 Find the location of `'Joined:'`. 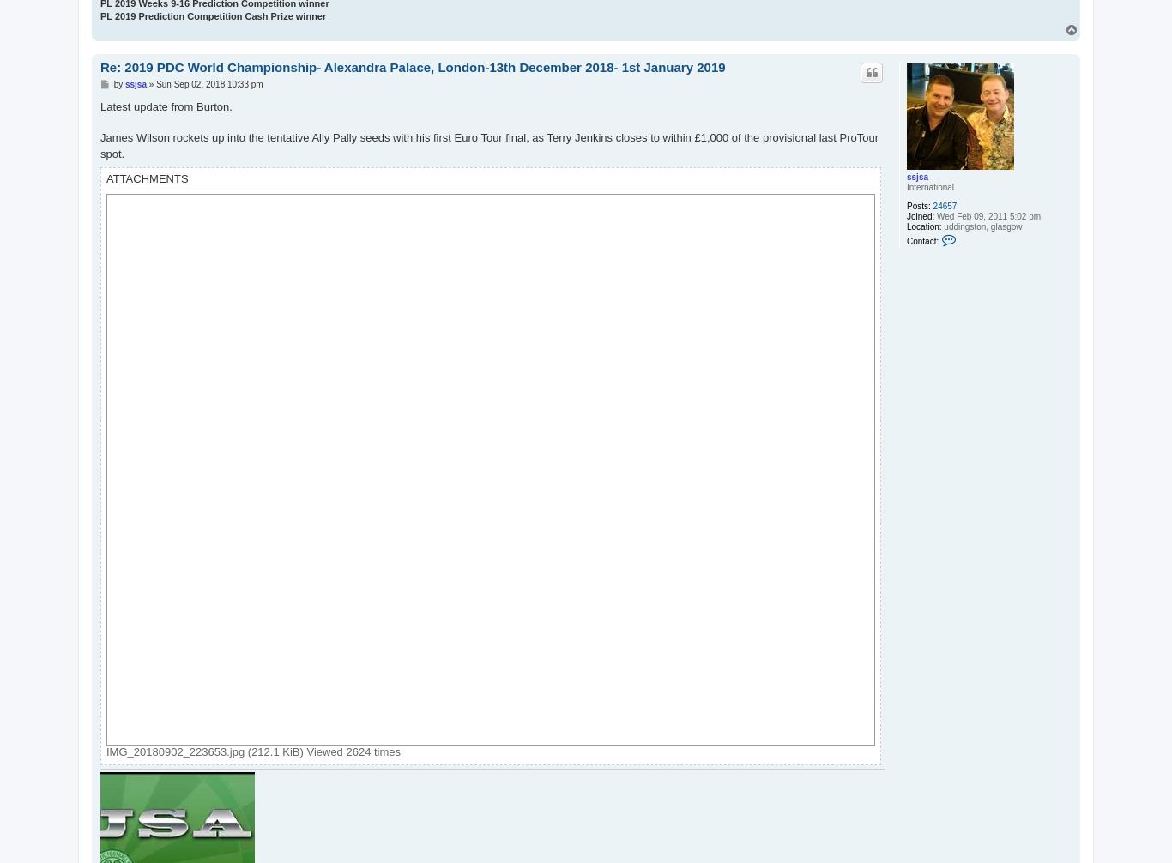

'Joined:' is located at coordinates (919, 215).